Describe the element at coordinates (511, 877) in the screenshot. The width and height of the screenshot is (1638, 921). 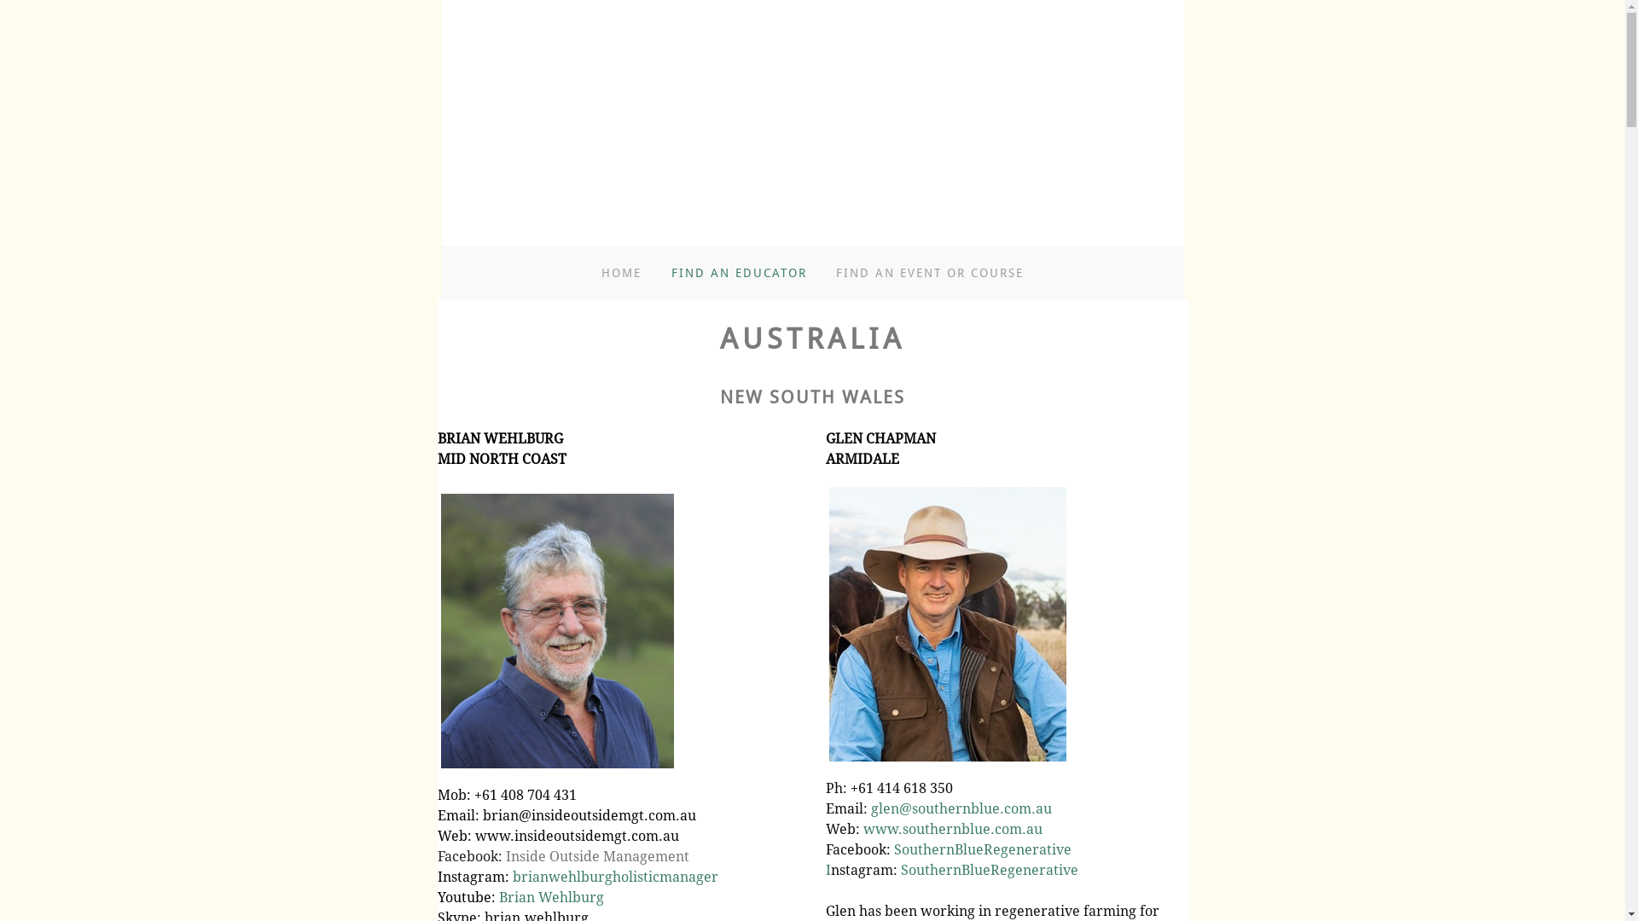
I see `'brianwehlburgholisticmanager'` at that location.